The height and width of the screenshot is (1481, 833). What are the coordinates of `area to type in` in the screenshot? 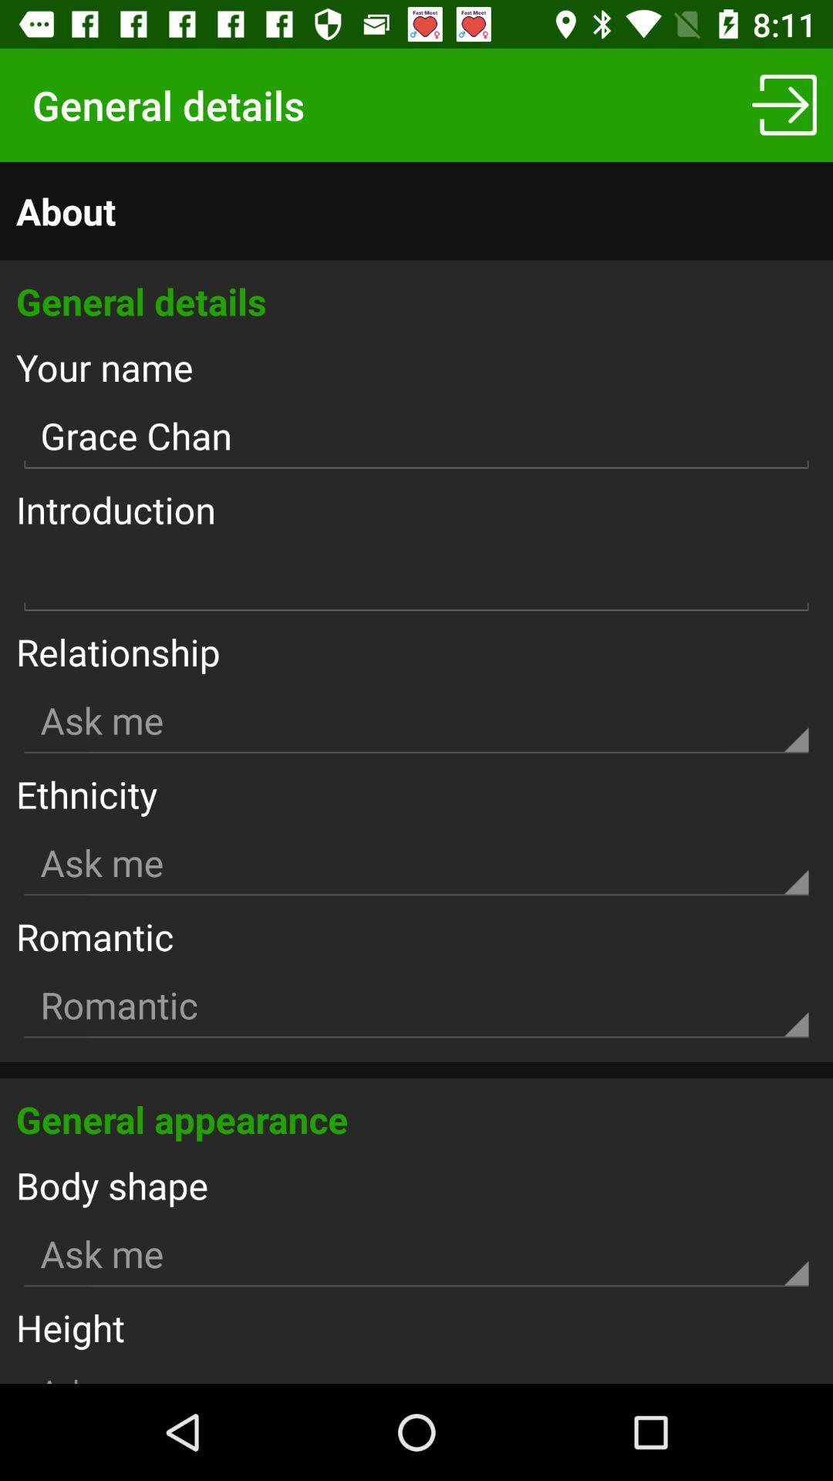 It's located at (416, 578).